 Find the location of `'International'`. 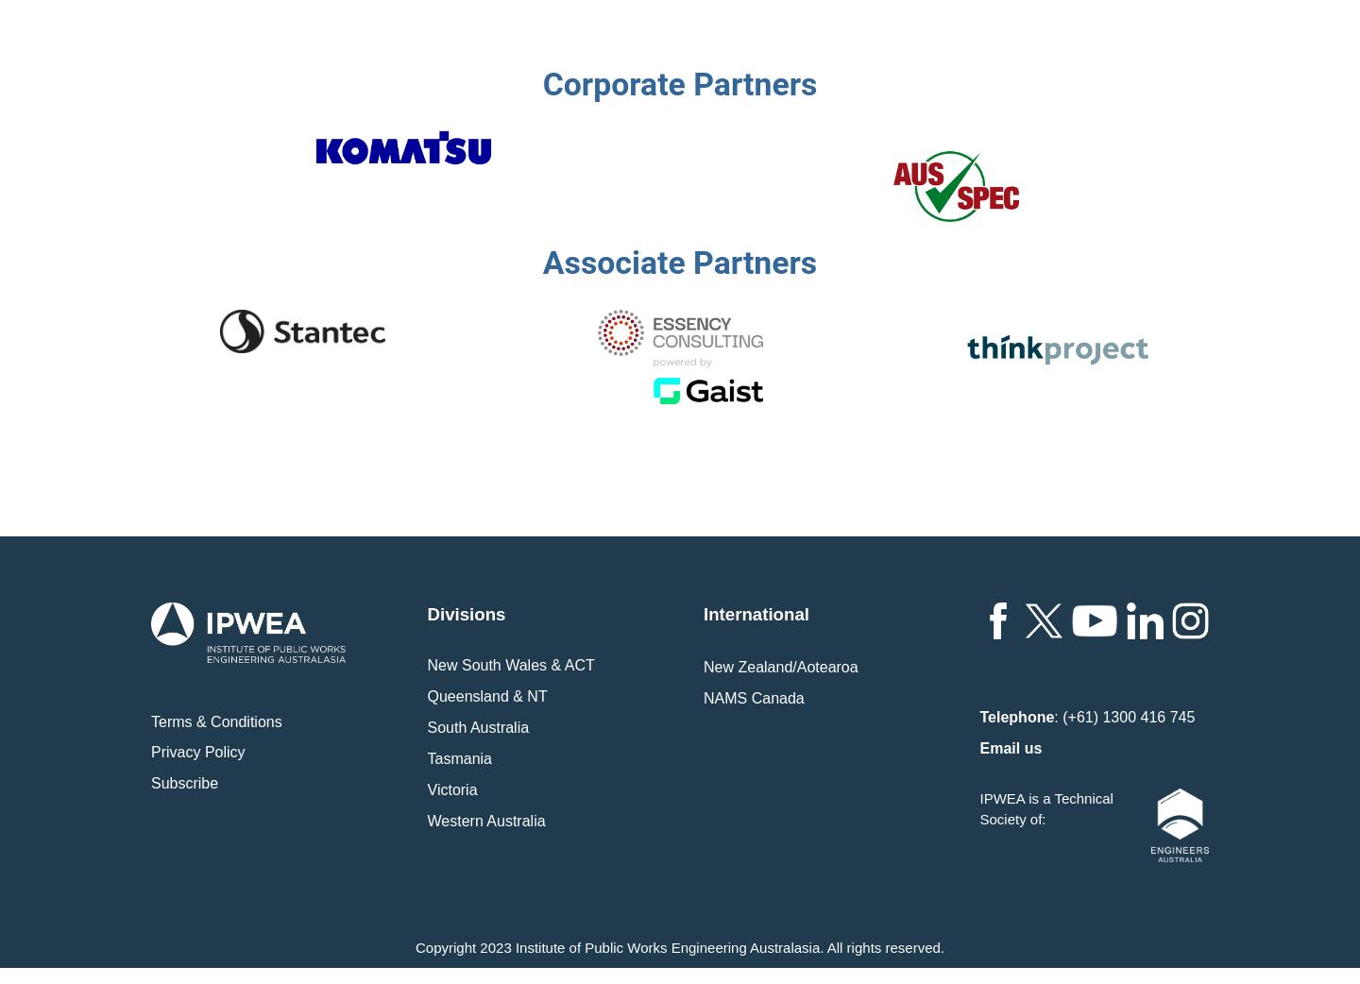

'International' is located at coordinates (756, 613).